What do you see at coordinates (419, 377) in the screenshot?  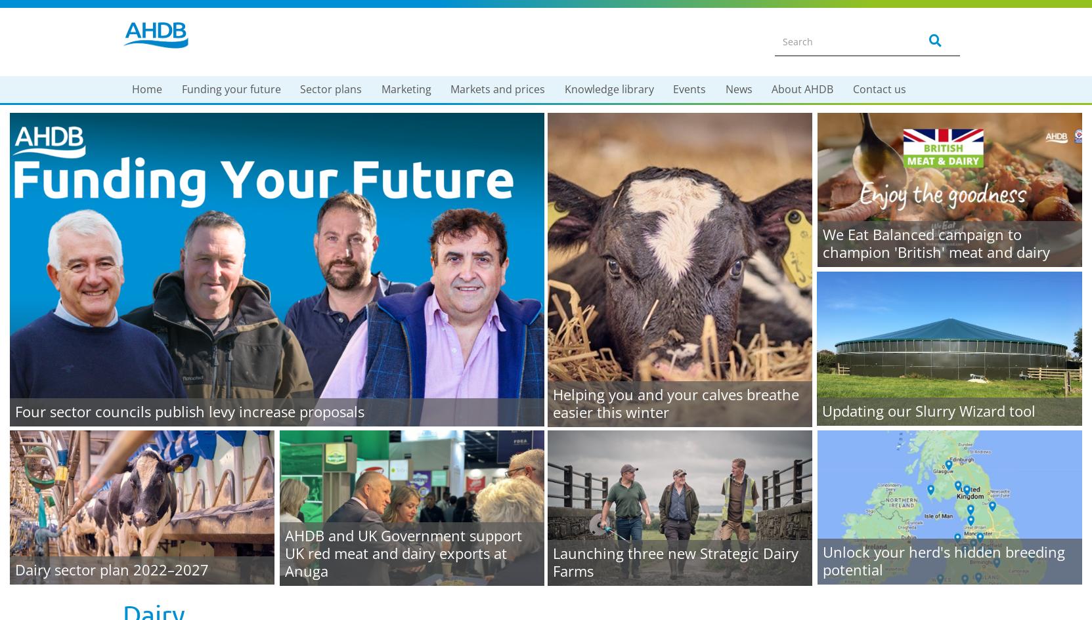 I see `'Department of Dairy Related Scrumptious Affairs'` at bounding box center [419, 377].